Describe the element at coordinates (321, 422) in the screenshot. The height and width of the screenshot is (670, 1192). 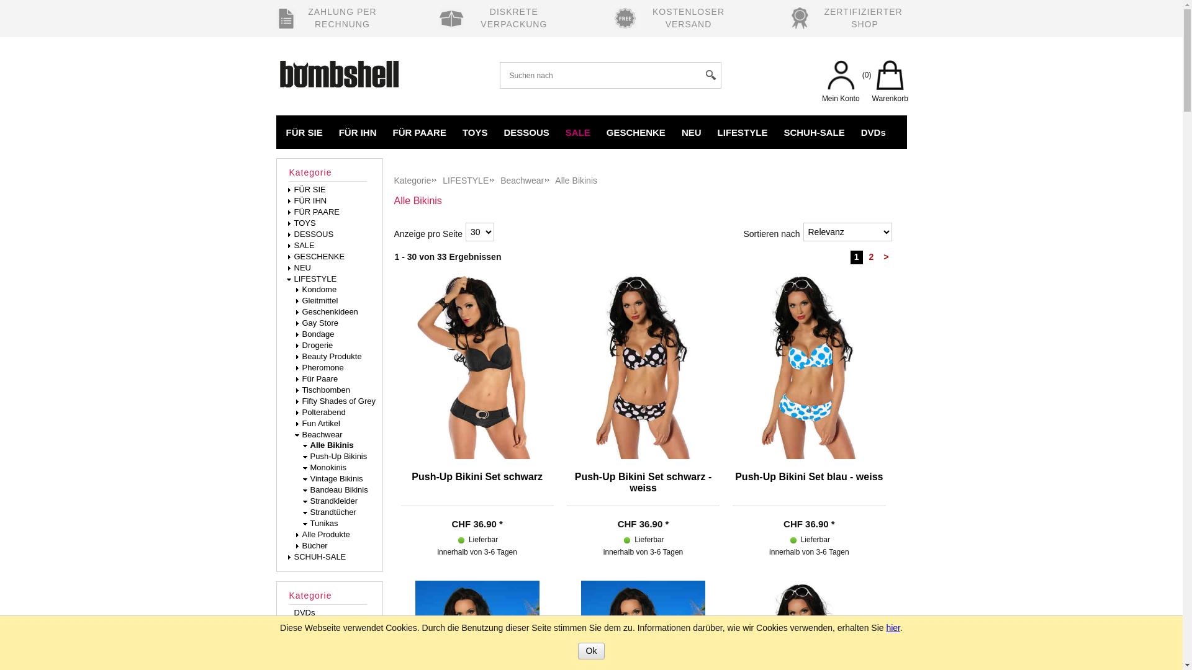
I see `' Fun Artikel'` at that location.